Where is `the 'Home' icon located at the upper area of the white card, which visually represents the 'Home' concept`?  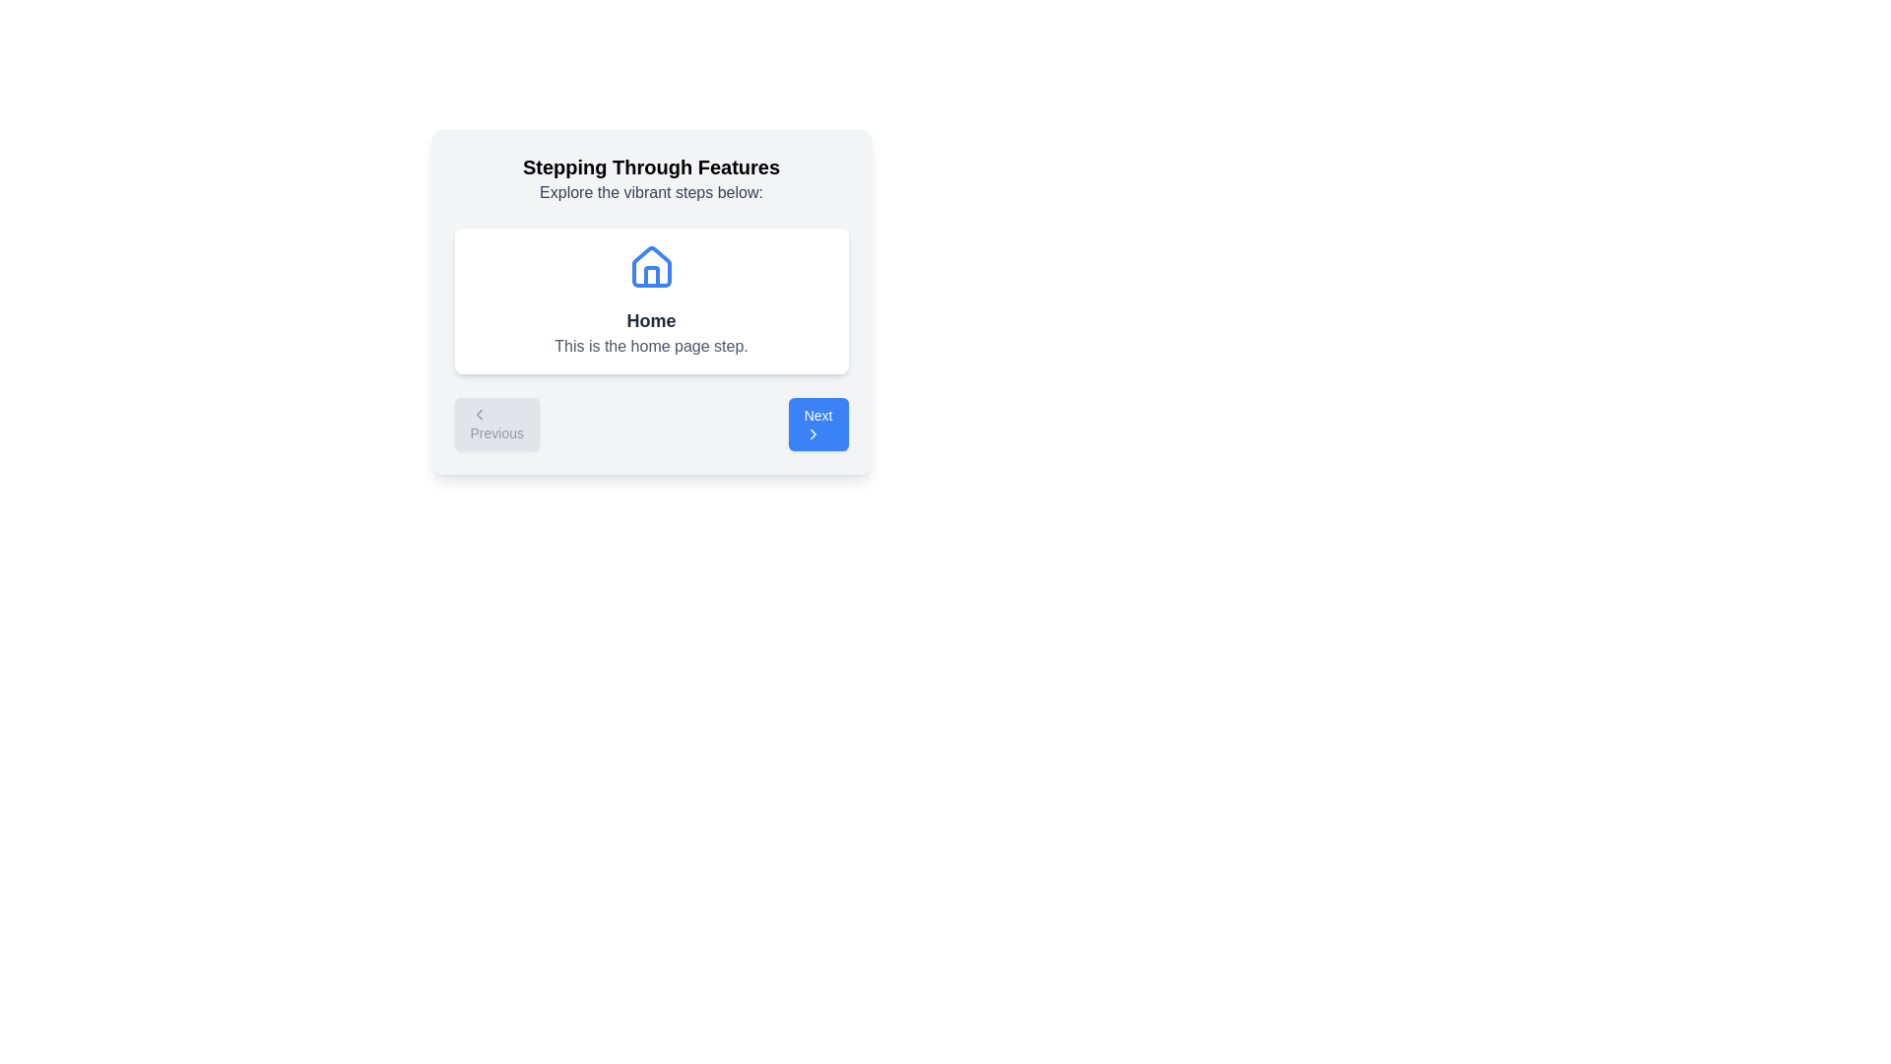 the 'Home' icon located at the upper area of the white card, which visually represents the 'Home' concept is located at coordinates (651, 268).